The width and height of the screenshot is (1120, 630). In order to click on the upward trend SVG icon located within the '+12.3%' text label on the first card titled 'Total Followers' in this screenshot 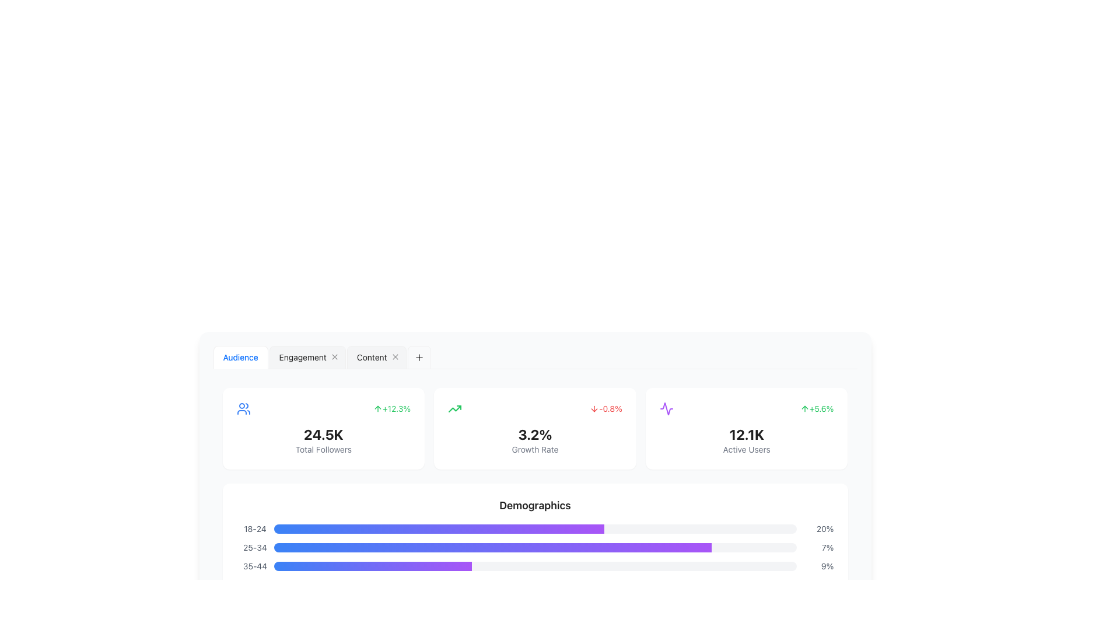, I will do `click(378, 408)`.